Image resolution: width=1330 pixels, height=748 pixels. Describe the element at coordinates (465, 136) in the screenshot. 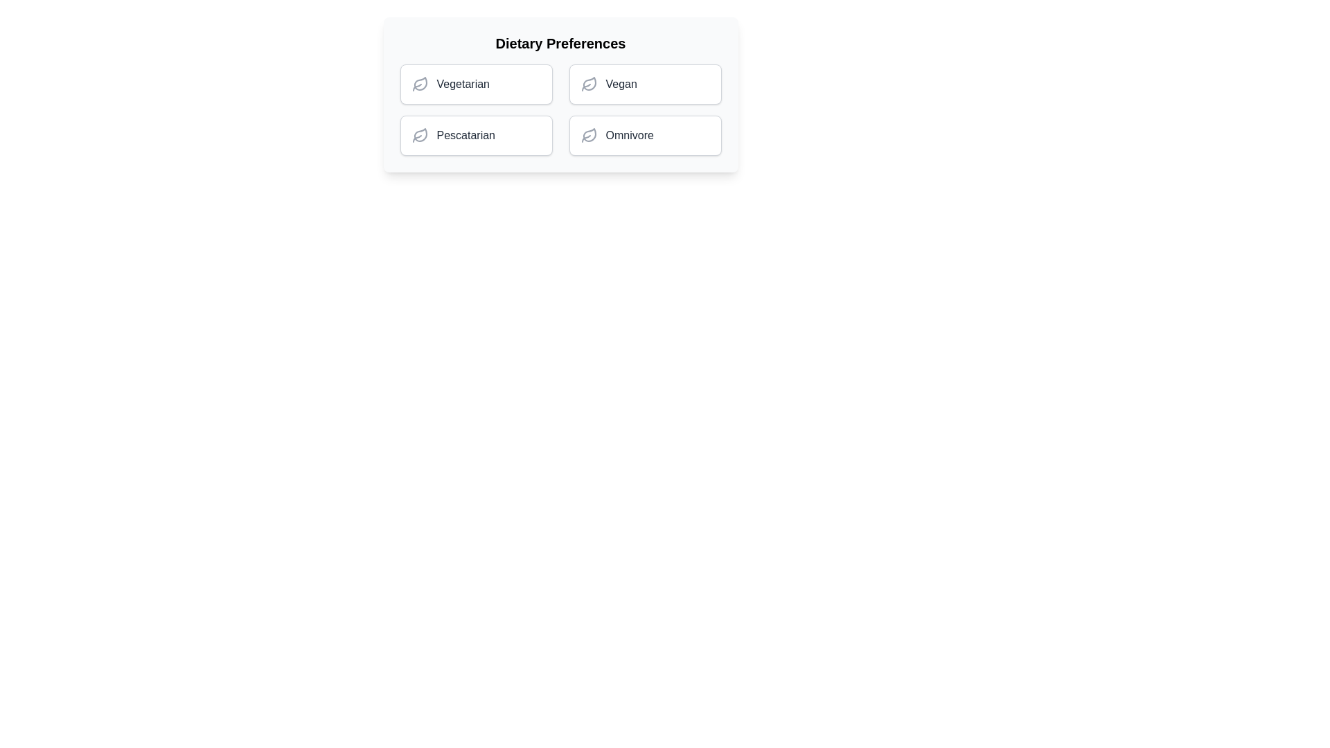

I see `text label 'Pescatarian' located within the option button with a white background and a gray border, positioned in the second row of dietary preferences` at that location.